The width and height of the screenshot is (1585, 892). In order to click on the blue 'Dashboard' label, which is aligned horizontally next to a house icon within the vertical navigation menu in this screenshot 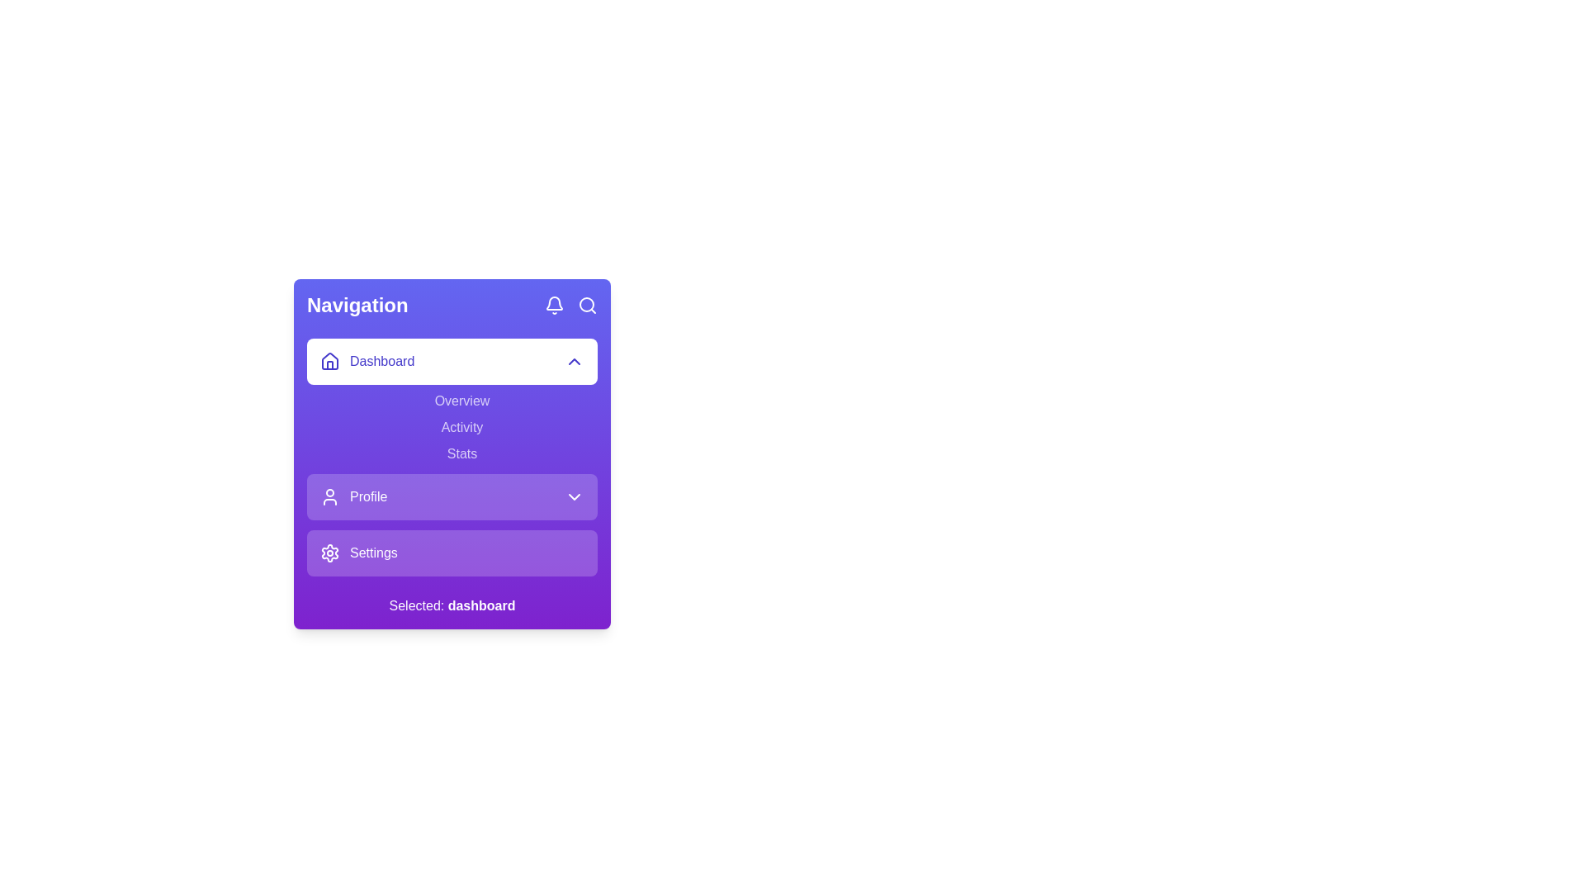, I will do `click(367, 361)`.